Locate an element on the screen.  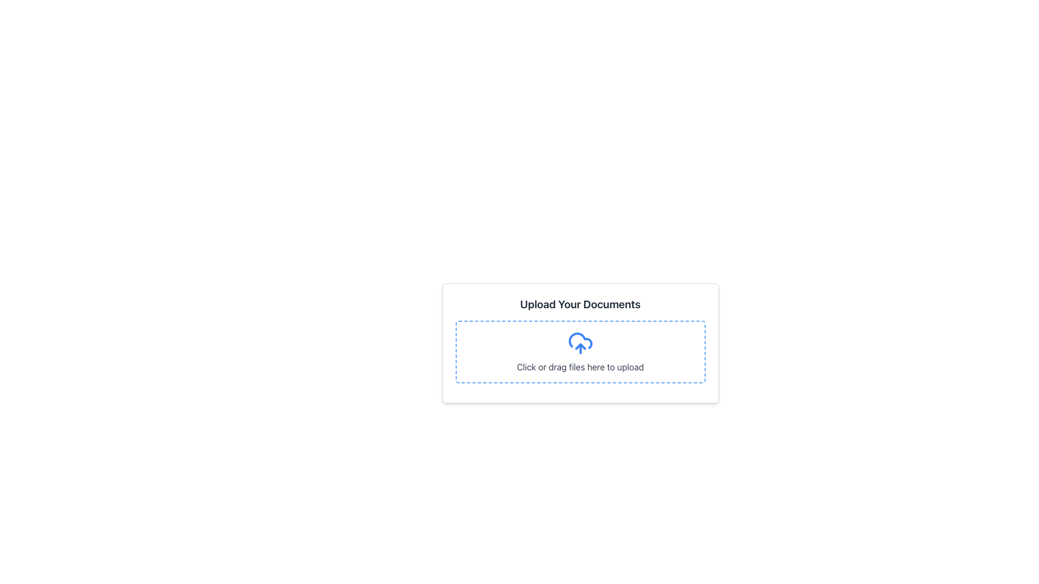
a file over the blue cloud icon with an upward arrow, which is centrally aligned above the text 'Click or drag files here is located at coordinates (580, 343).